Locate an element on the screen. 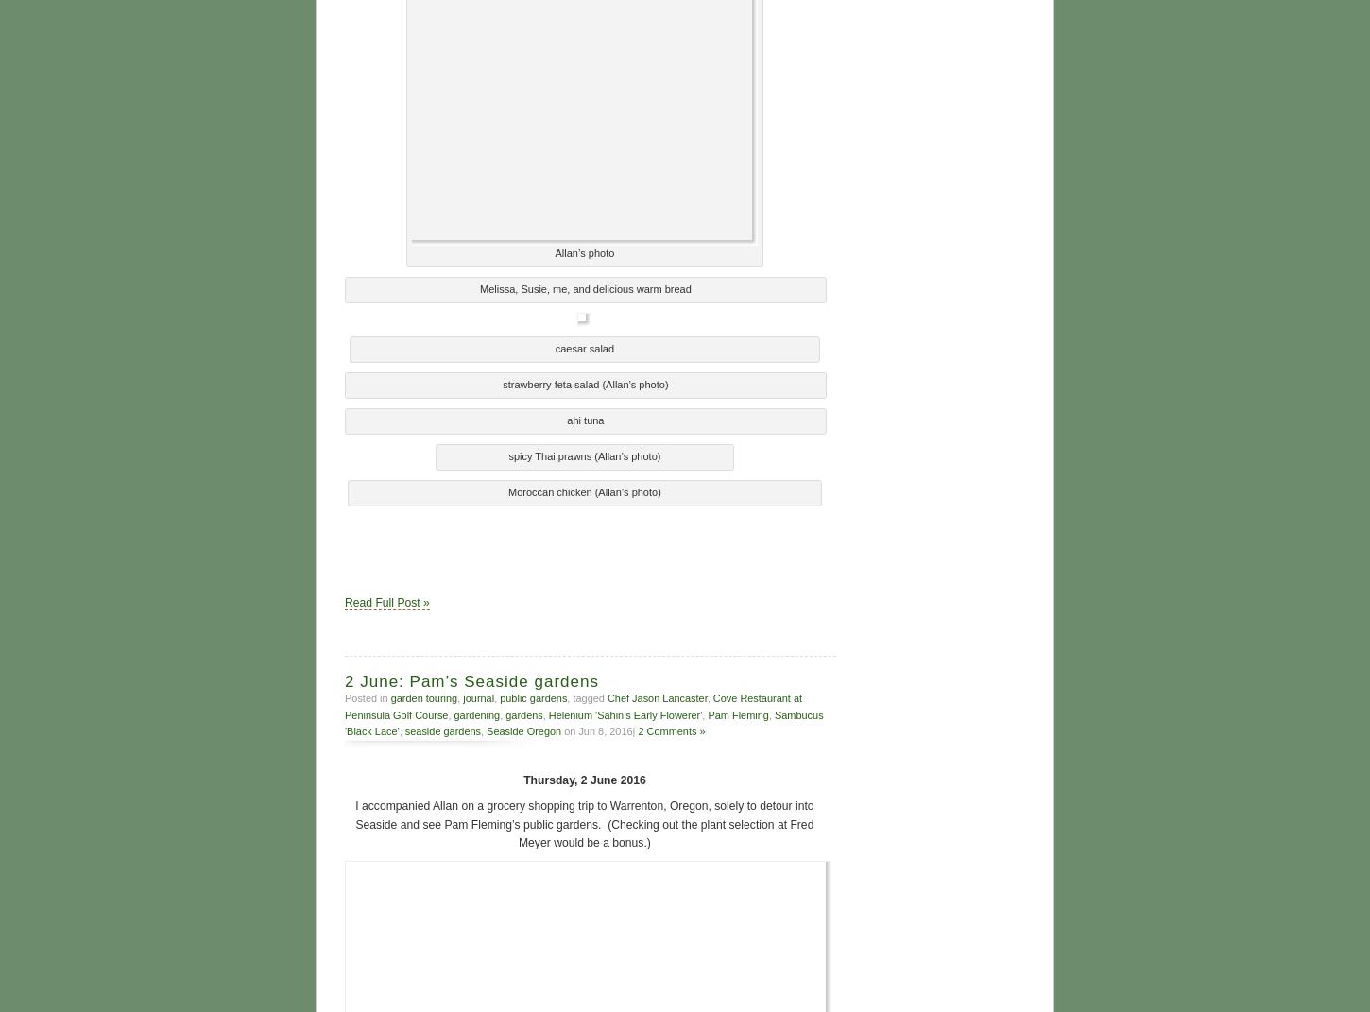  'Seaside Oregon' is located at coordinates (523, 728).